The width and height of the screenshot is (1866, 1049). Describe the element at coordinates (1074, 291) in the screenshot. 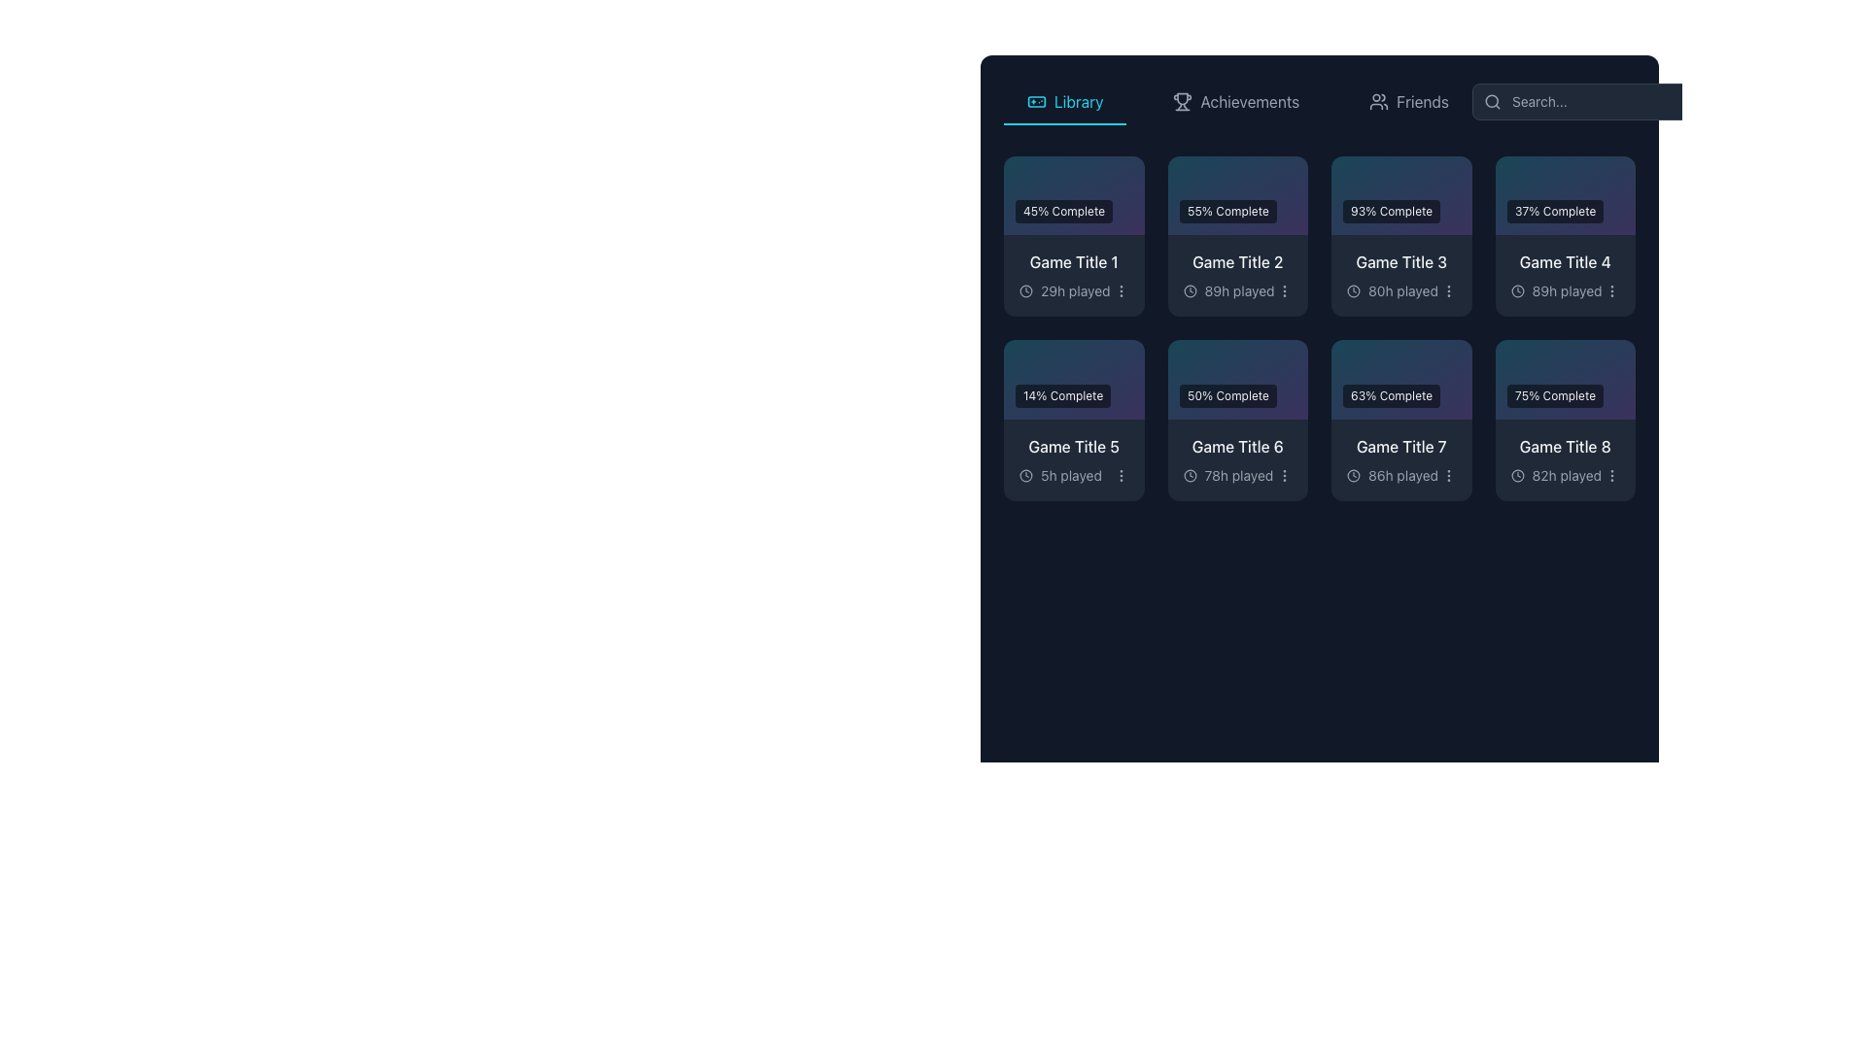

I see `the text label displaying the amount of time spent playing the associated game, located at the bottom-left part of the first game card in the grid layout` at that location.